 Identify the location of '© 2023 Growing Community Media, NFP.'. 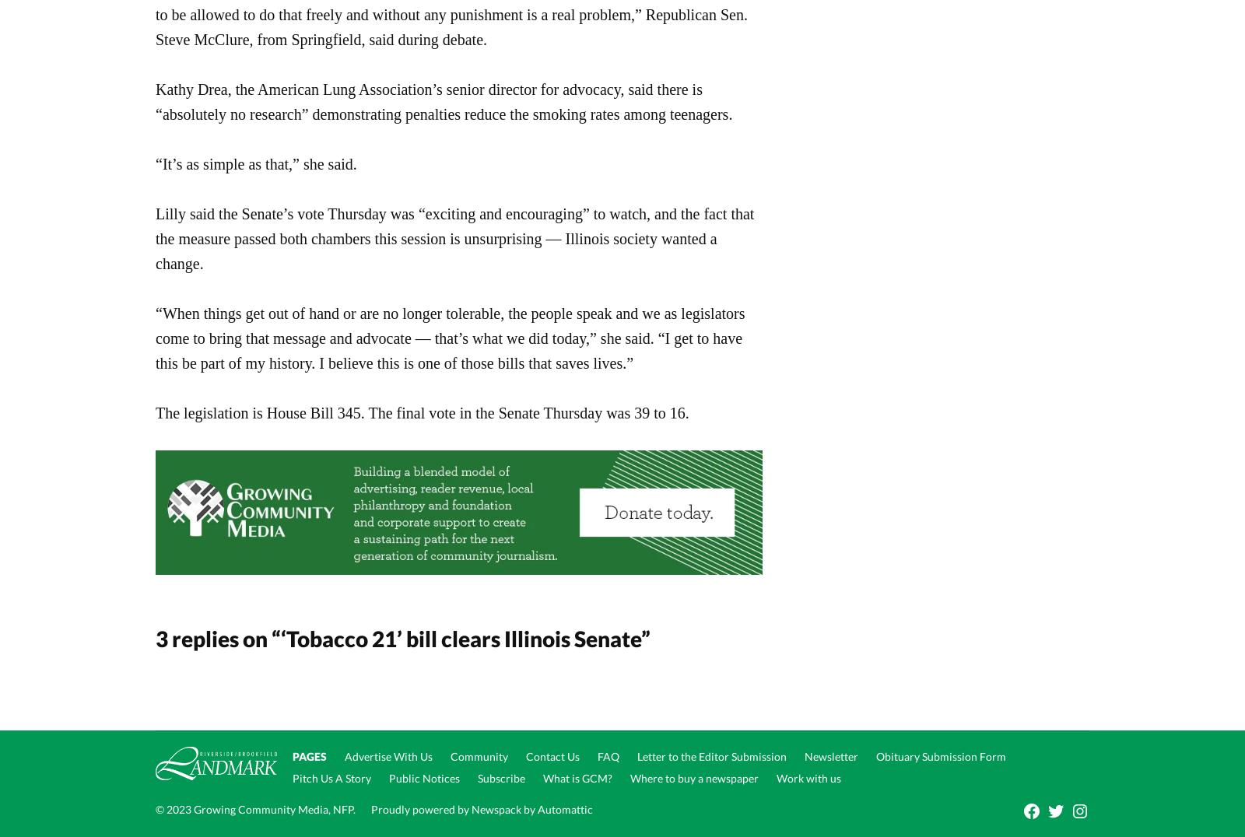
(255, 808).